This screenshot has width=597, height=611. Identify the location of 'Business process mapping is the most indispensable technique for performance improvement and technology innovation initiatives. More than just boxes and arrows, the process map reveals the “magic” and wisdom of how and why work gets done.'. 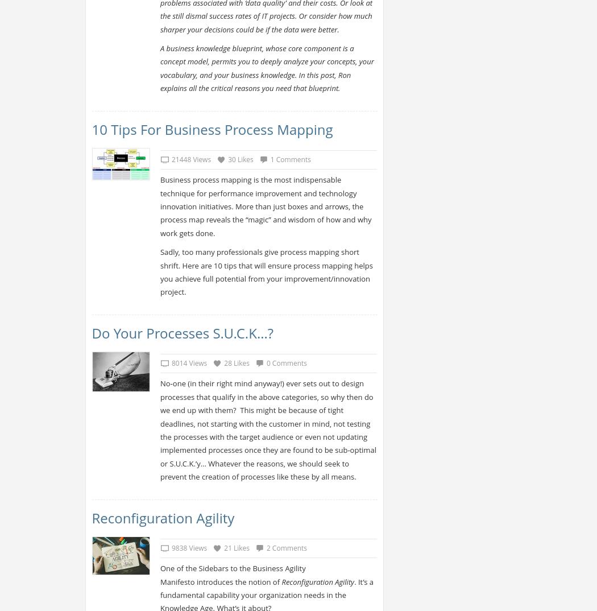
(266, 205).